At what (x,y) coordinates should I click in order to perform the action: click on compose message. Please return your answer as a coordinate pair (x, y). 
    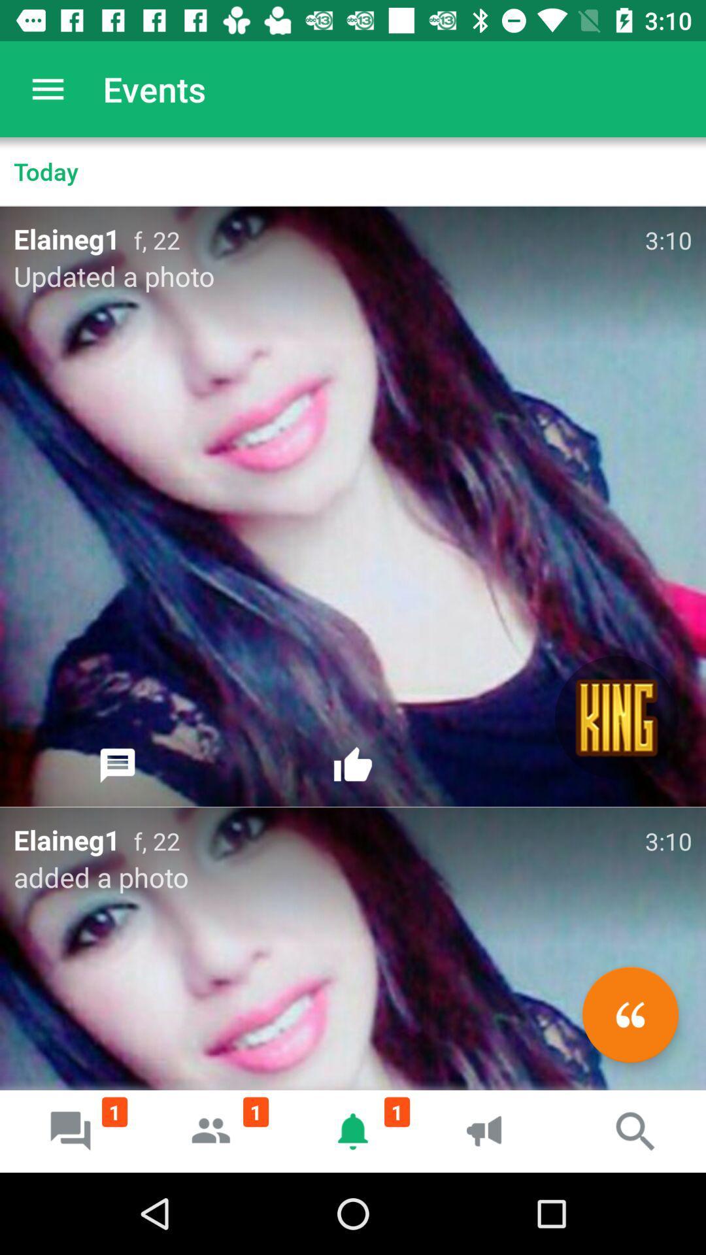
    Looking at the image, I should click on (630, 1014).